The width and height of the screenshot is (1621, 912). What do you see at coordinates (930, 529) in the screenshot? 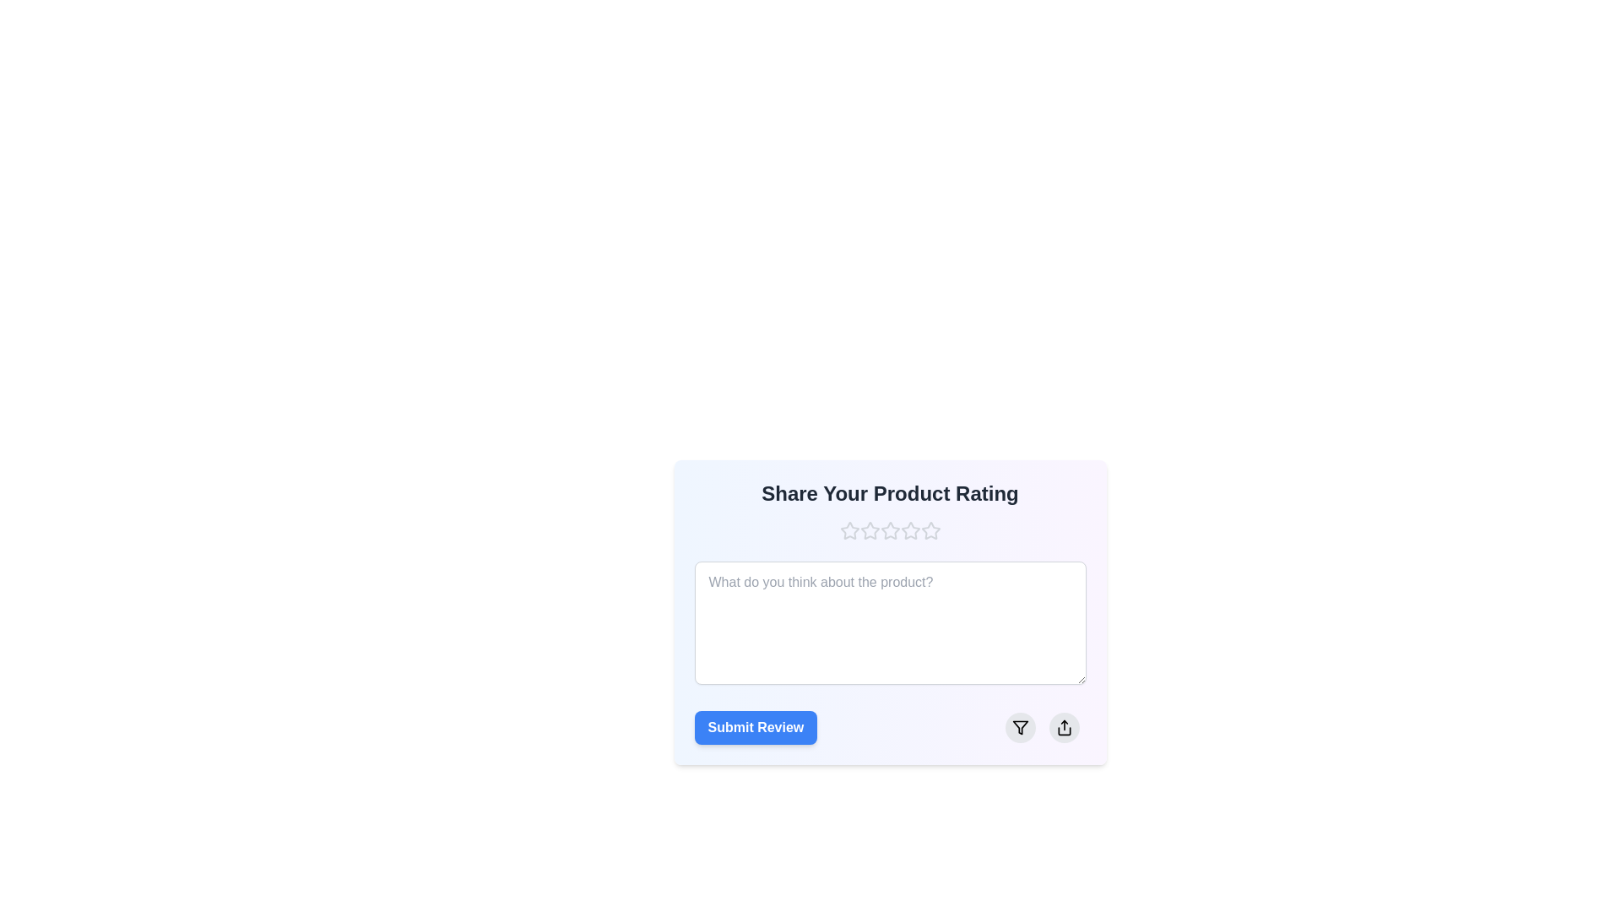
I see `the fifth star icon in the 'Share Your Product Rating' section, which is part of a five-star rating system` at bounding box center [930, 529].